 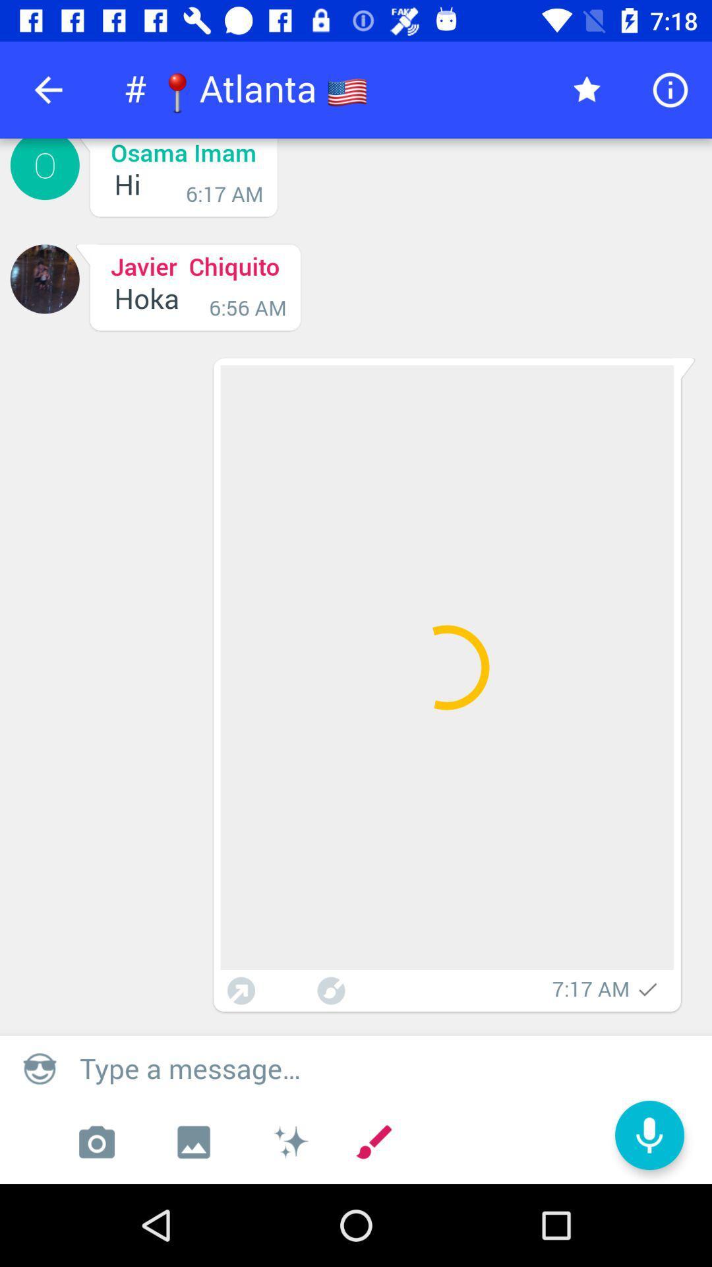 What do you see at coordinates (374, 1142) in the screenshot?
I see `the edit icon` at bounding box center [374, 1142].